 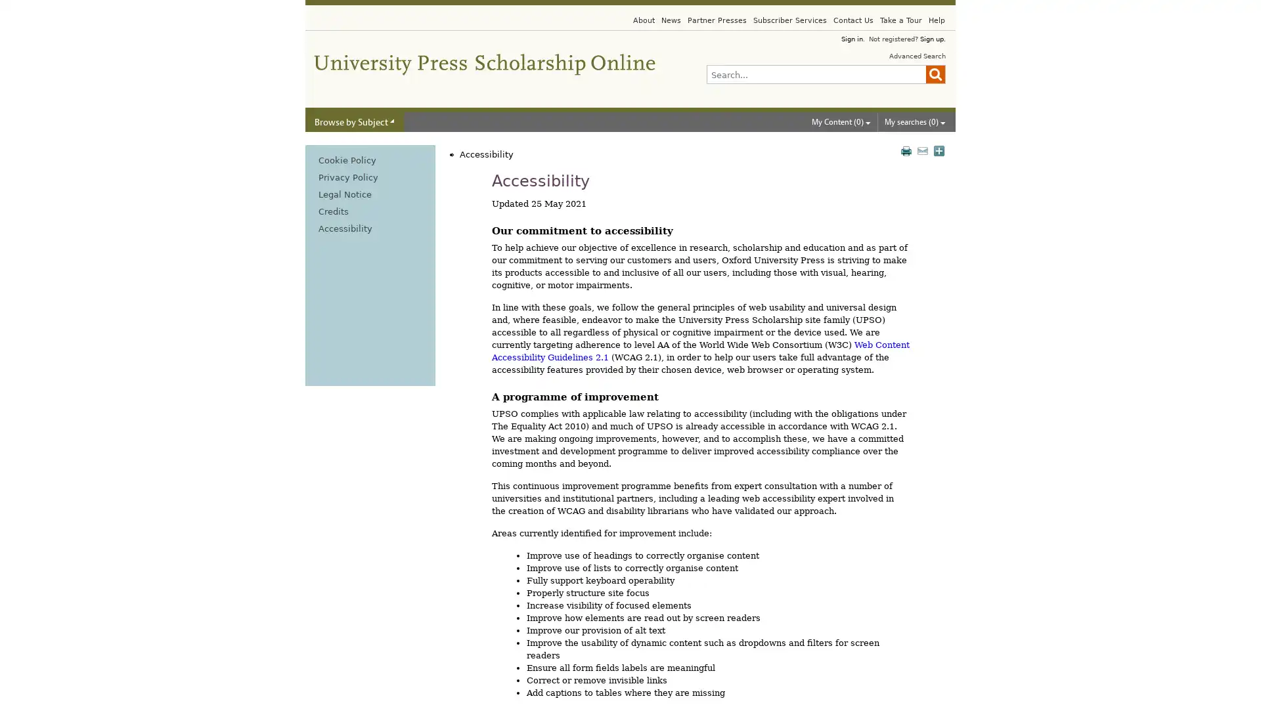 I want to click on Email this link, so click(x=923, y=150).